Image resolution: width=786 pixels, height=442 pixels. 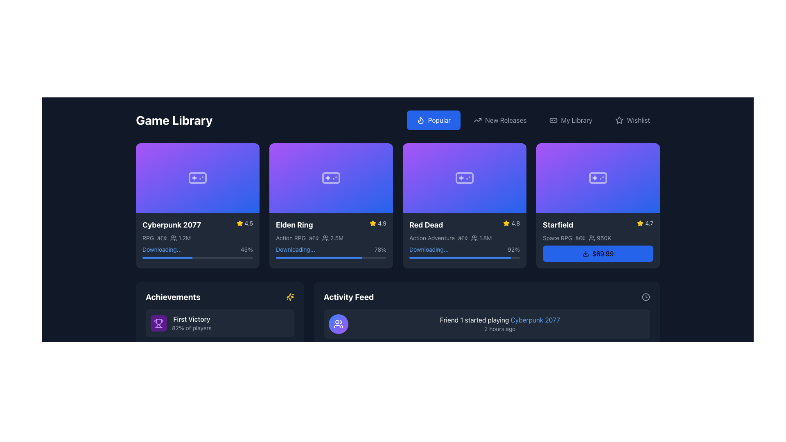 I want to click on static text label indicating the download status of the game 'Cyberpunk 2077', located in the bottom section of the first game card, to the left of '45%', so click(x=162, y=249).